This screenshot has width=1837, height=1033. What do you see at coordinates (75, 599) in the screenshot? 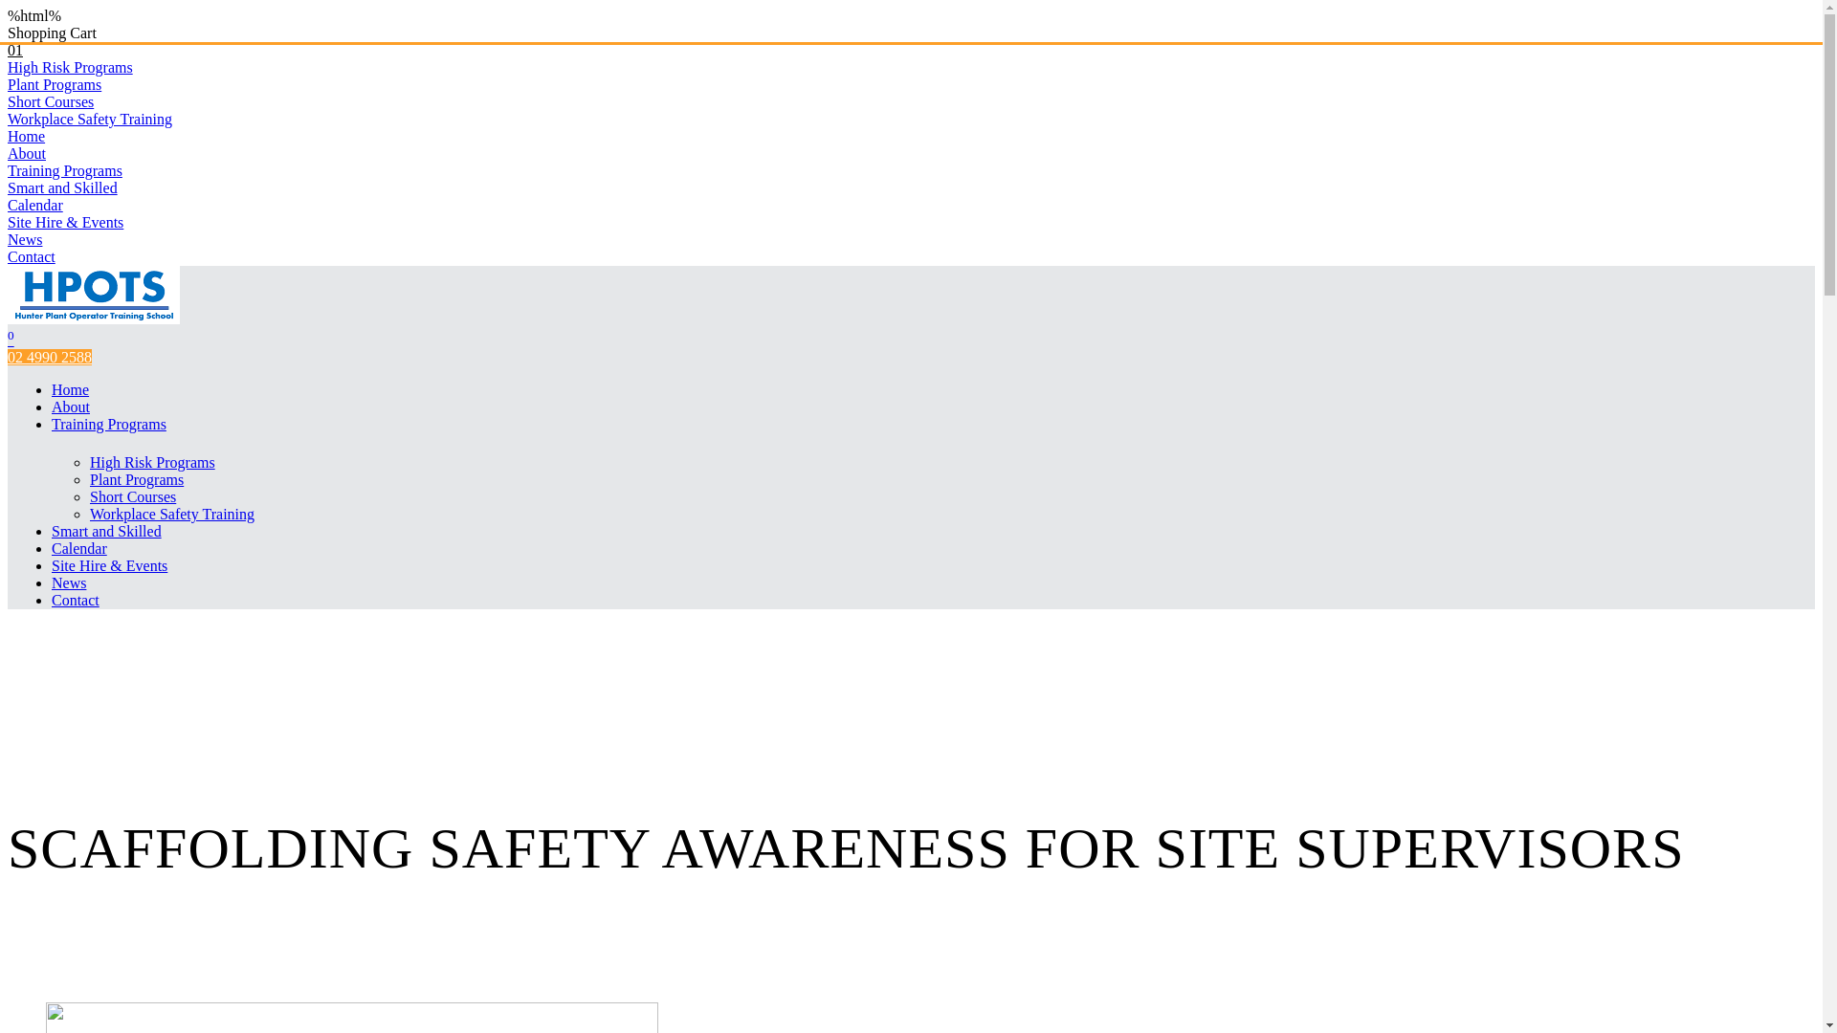
I see `'Contact'` at bounding box center [75, 599].